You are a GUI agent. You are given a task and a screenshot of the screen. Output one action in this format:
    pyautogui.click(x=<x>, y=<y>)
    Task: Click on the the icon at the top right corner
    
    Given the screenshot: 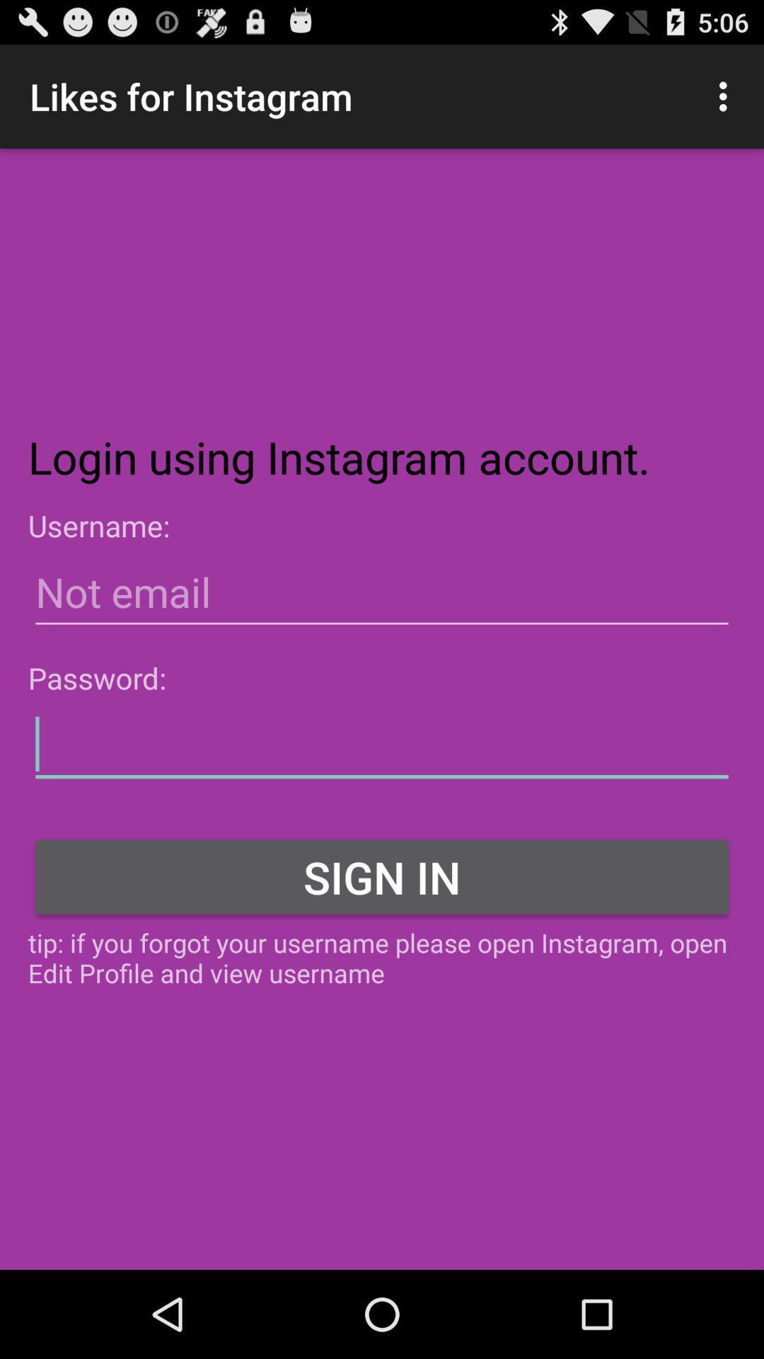 What is the action you would take?
    pyautogui.click(x=727, y=96)
    